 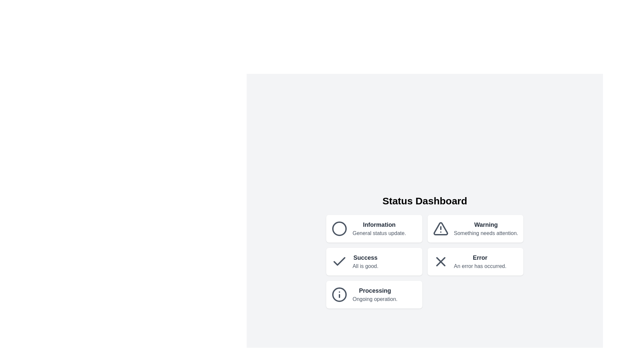 I want to click on the Error Symbol icon located within the 'Error' card in the bottom-right corner of the status dashboard, which signifies an error state, so click(x=440, y=261).